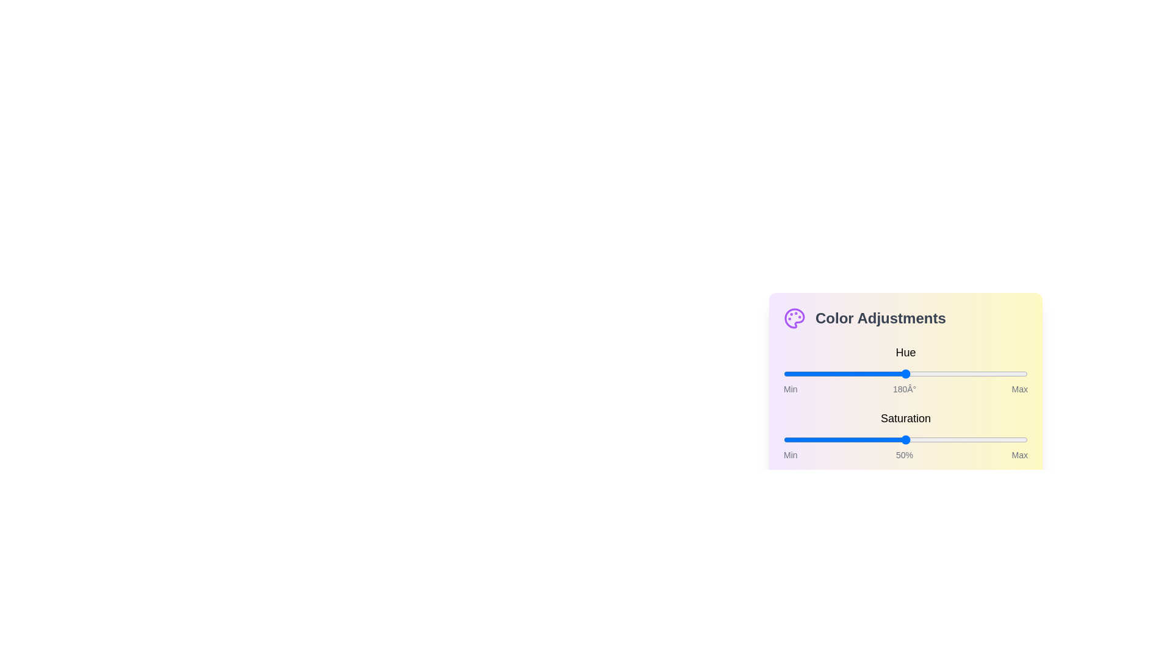  I want to click on the saturation slider to 99, so click(1025, 440).